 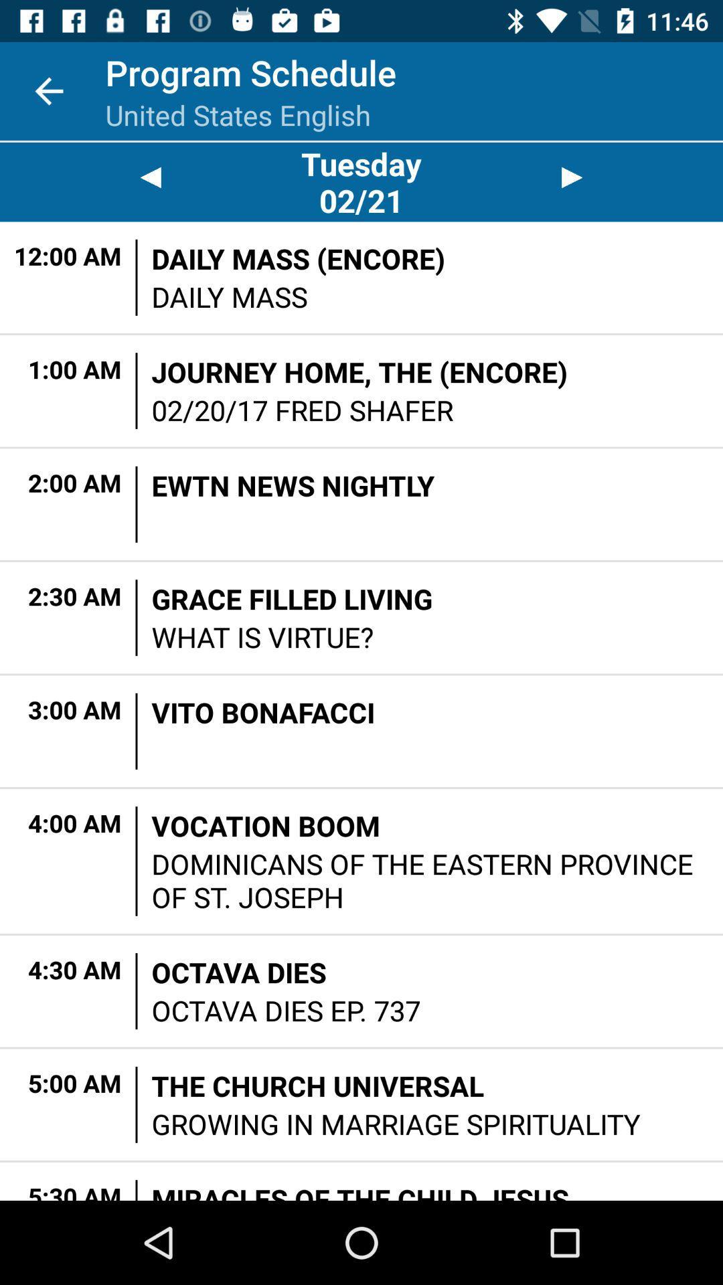 I want to click on the item to the left of the octava dies, so click(x=137, y=991).